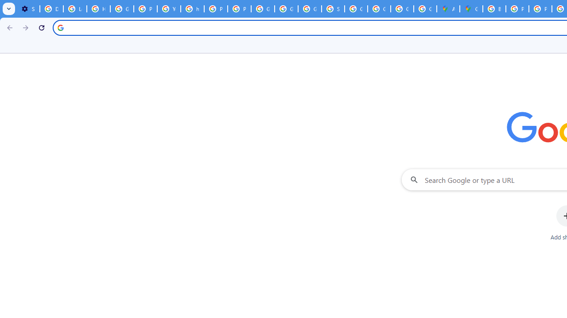 The image size is (567, 318). I want to click on 'YouTube', so click(169, 9).